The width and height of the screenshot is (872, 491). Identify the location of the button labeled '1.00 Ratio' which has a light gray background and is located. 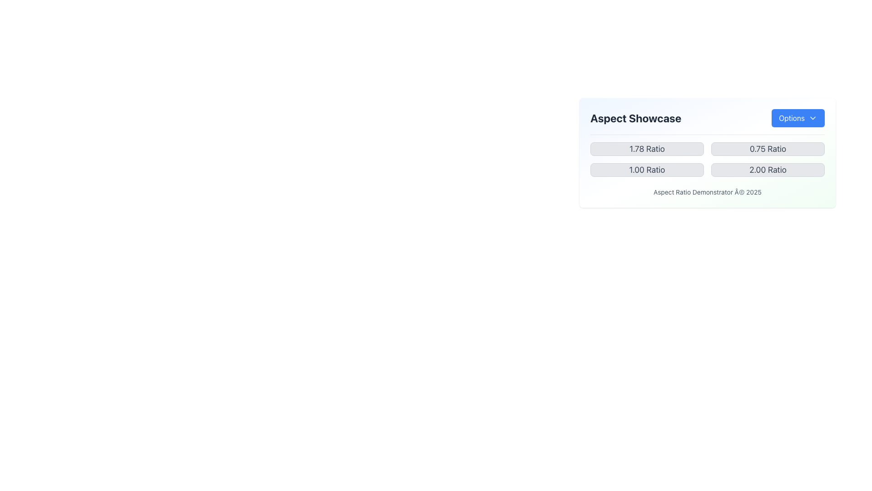
(647, 170).